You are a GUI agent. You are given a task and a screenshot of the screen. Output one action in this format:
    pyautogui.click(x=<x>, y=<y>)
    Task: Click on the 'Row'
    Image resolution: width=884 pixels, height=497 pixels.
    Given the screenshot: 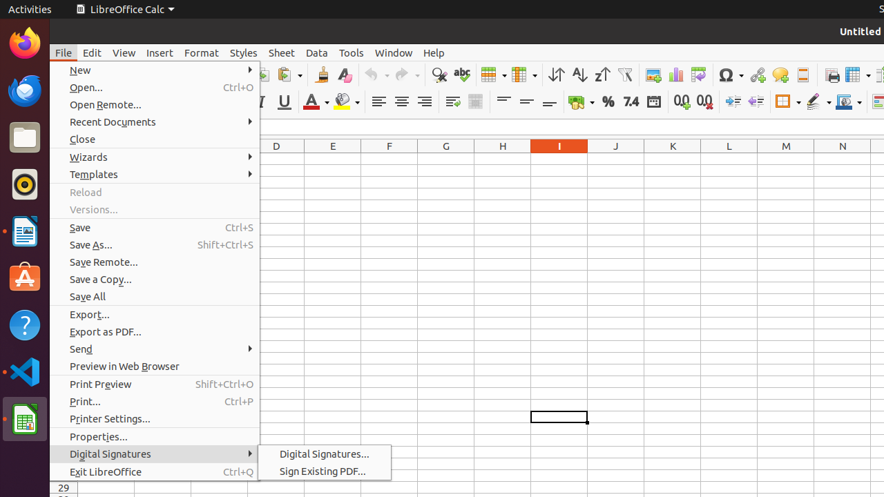 What is the action you would take?
    pyautogui.click(x=494, y=75)
    